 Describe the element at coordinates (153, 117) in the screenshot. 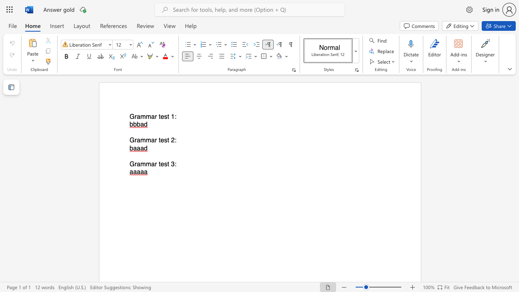

I see `the 2th character "a" in the text` at that location.